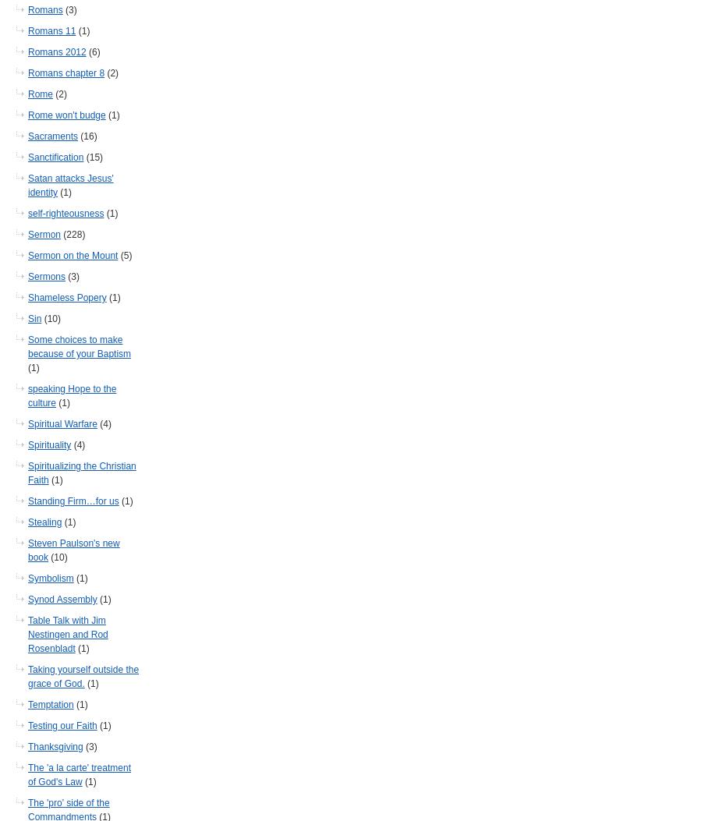 The height and width of the screenshot is (821, 705). I want to click on 'Romans chapter 8', so click(66, 73).